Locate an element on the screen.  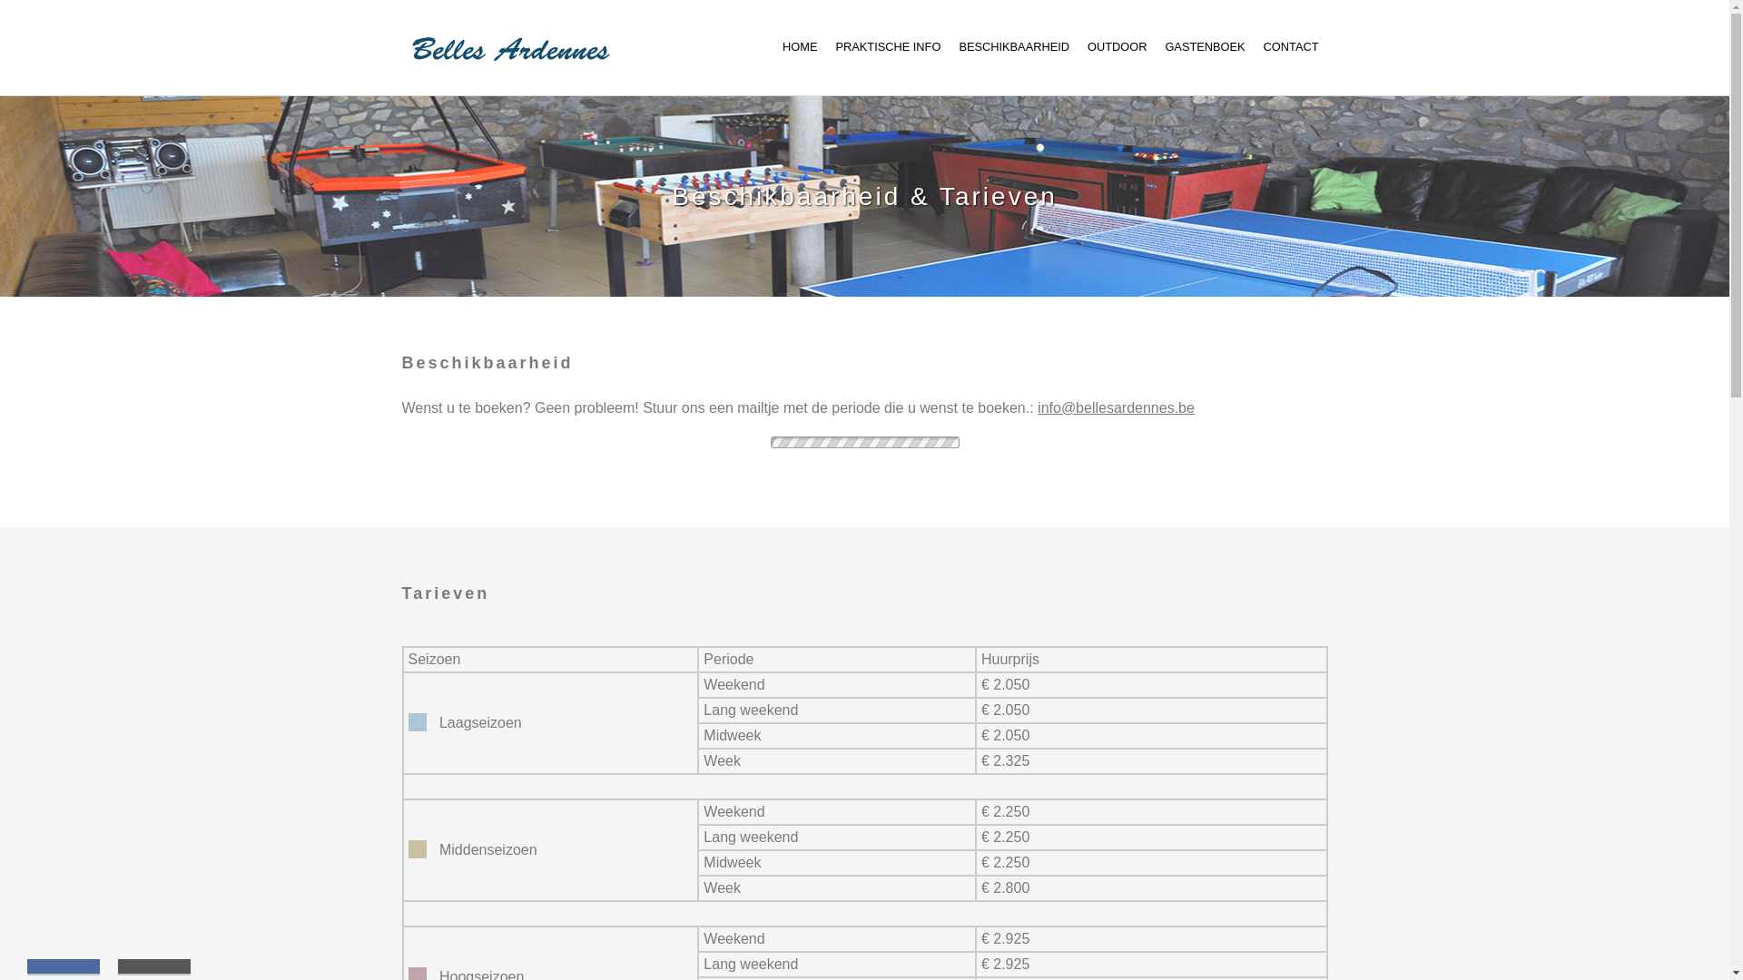
'BESCHIKBAARHEID' is located at coordinates (1013, 45).